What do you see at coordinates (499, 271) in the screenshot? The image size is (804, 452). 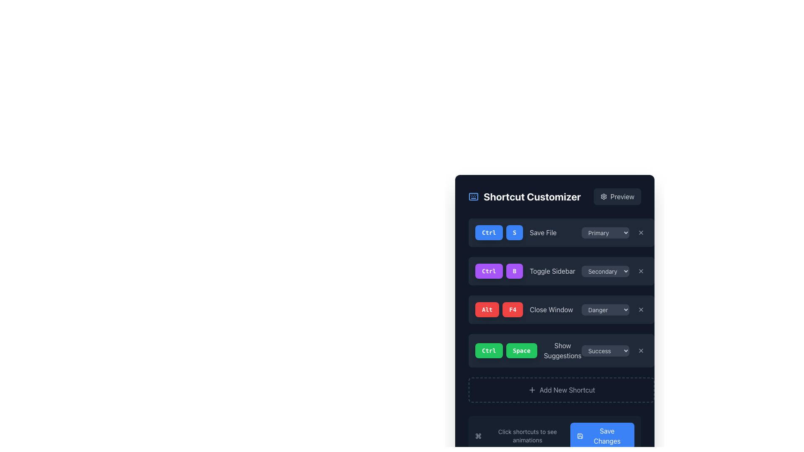 I see `on the composite component consisting of 'Ctrl' and 'B' buttons, which are part of the shortcut customization interface` at bounding box center [499, 271].